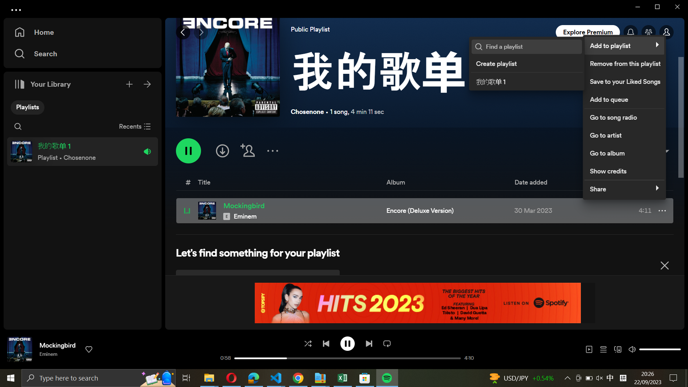  I want to click on Switch between the loop function and the loop once function, so click(387, 343).